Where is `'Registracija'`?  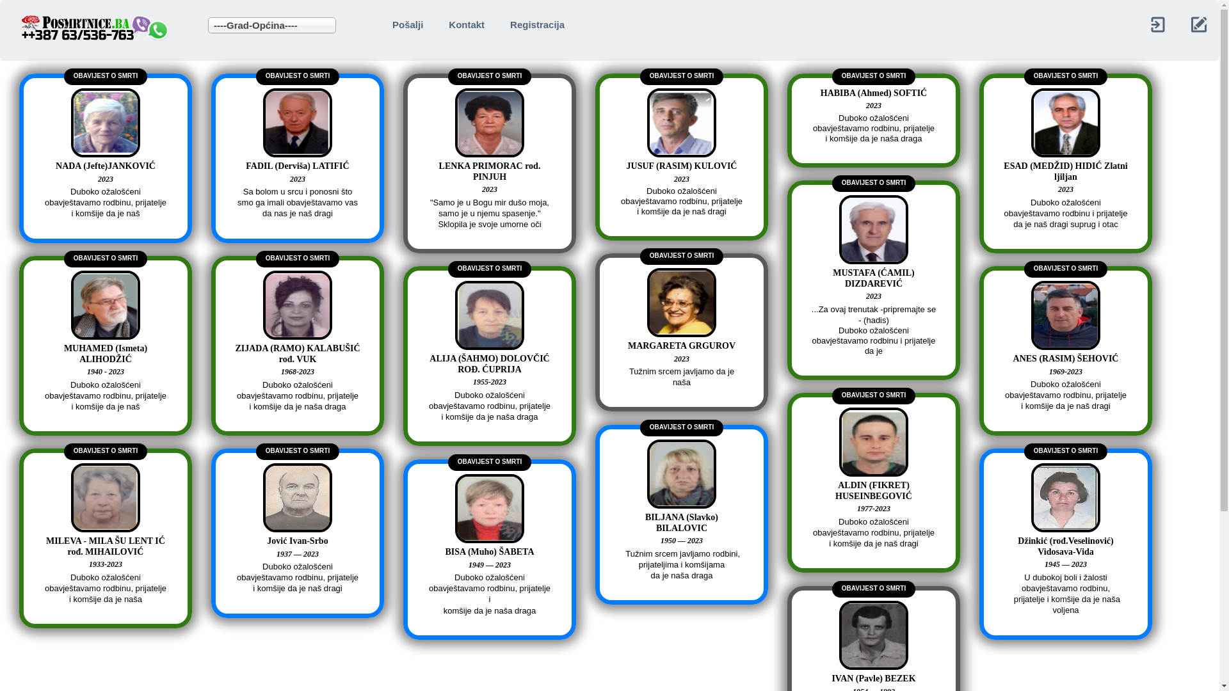 'Registracija' is located at coordinates (537, 24).